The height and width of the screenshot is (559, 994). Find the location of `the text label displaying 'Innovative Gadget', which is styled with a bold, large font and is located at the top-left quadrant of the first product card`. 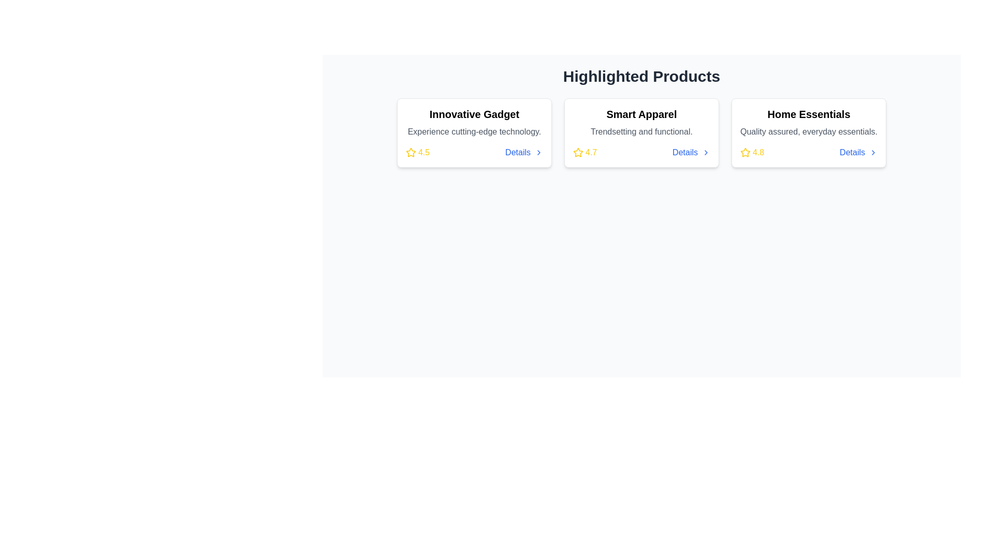

the text label displaying 'Innovative Gadget', which is styled with a bold, large font and is located at the top-left quadrant of the first product card is located at coordinates (474, 114).